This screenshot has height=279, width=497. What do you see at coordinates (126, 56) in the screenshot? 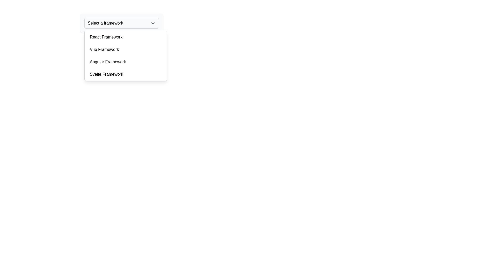
I see `the second option ('Vue Framework') in the dropdown menu` at bounding box center [126, 56].